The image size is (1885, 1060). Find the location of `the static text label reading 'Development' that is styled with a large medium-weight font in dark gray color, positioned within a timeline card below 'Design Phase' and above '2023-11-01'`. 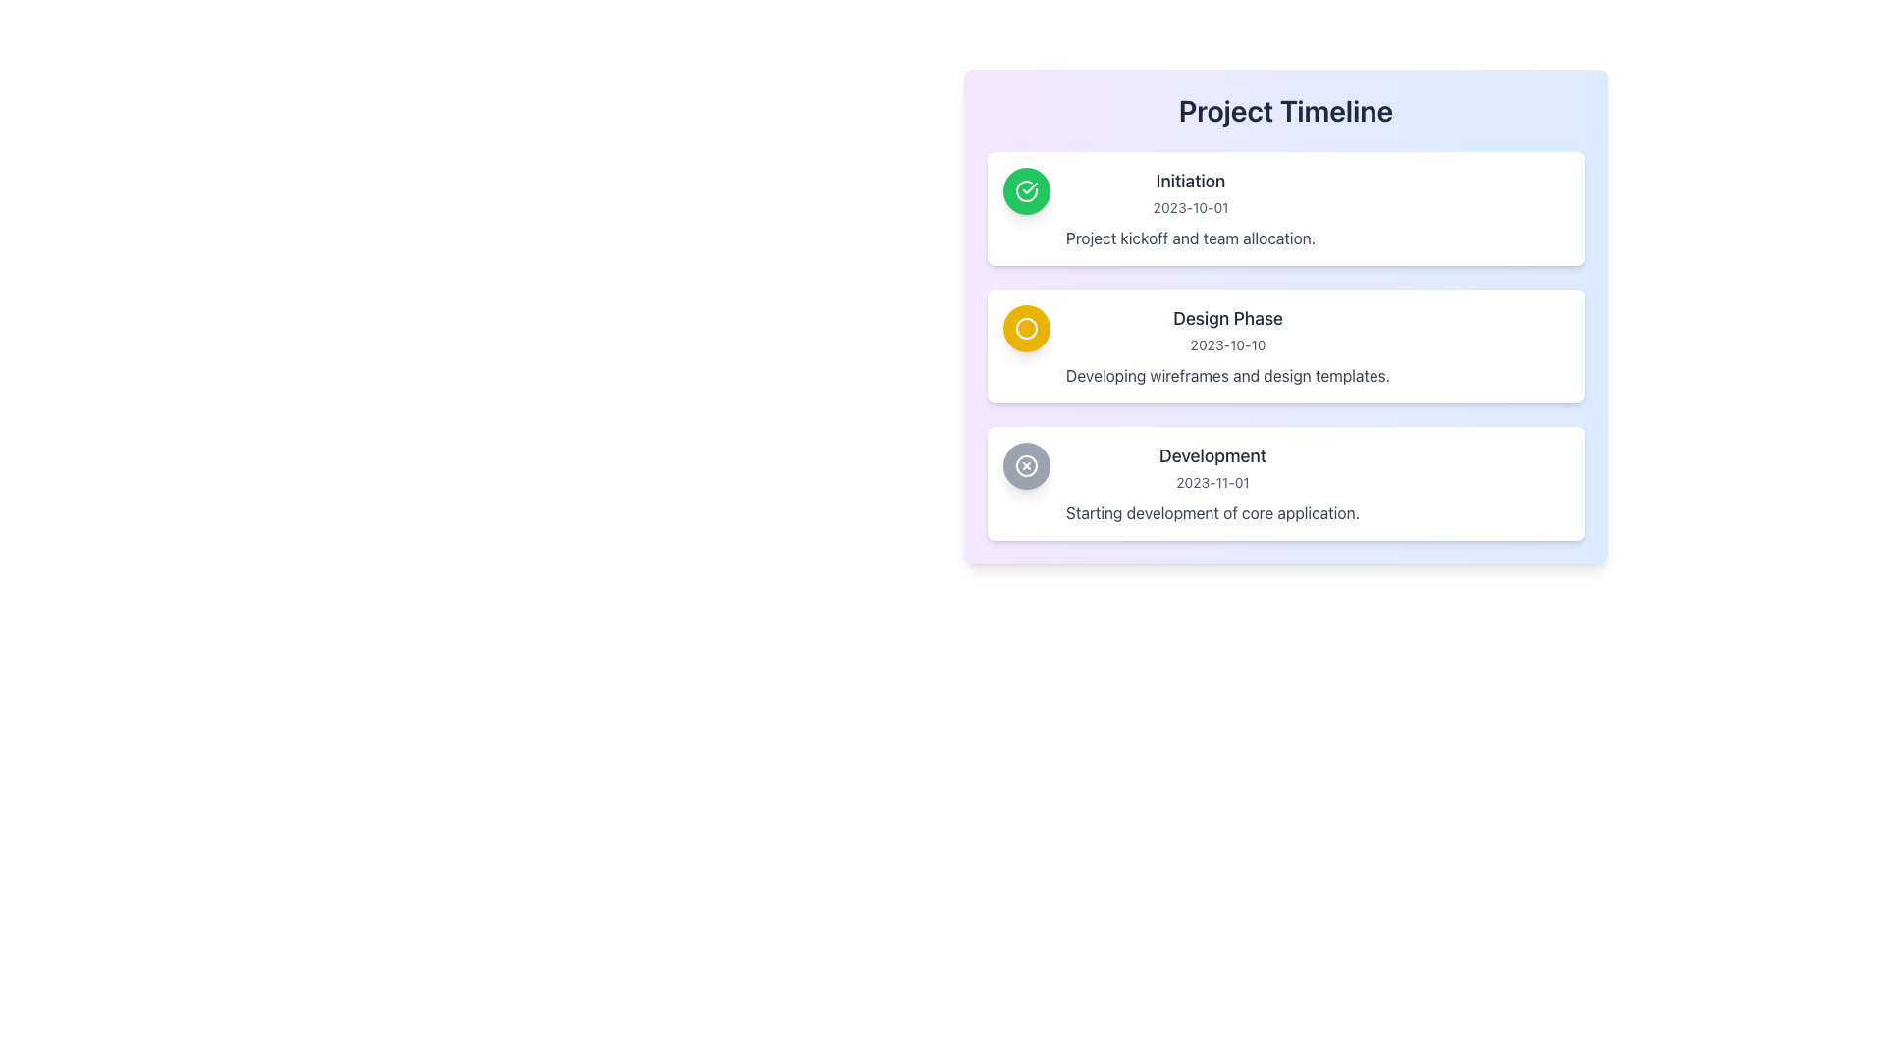

the static text label reading 'Development' that is styled with a large medium-weight font in dark gray color, positioned within a timeline card below 'Design Phase' and above '2023-11-01' is located at coordinates (1212, 456).